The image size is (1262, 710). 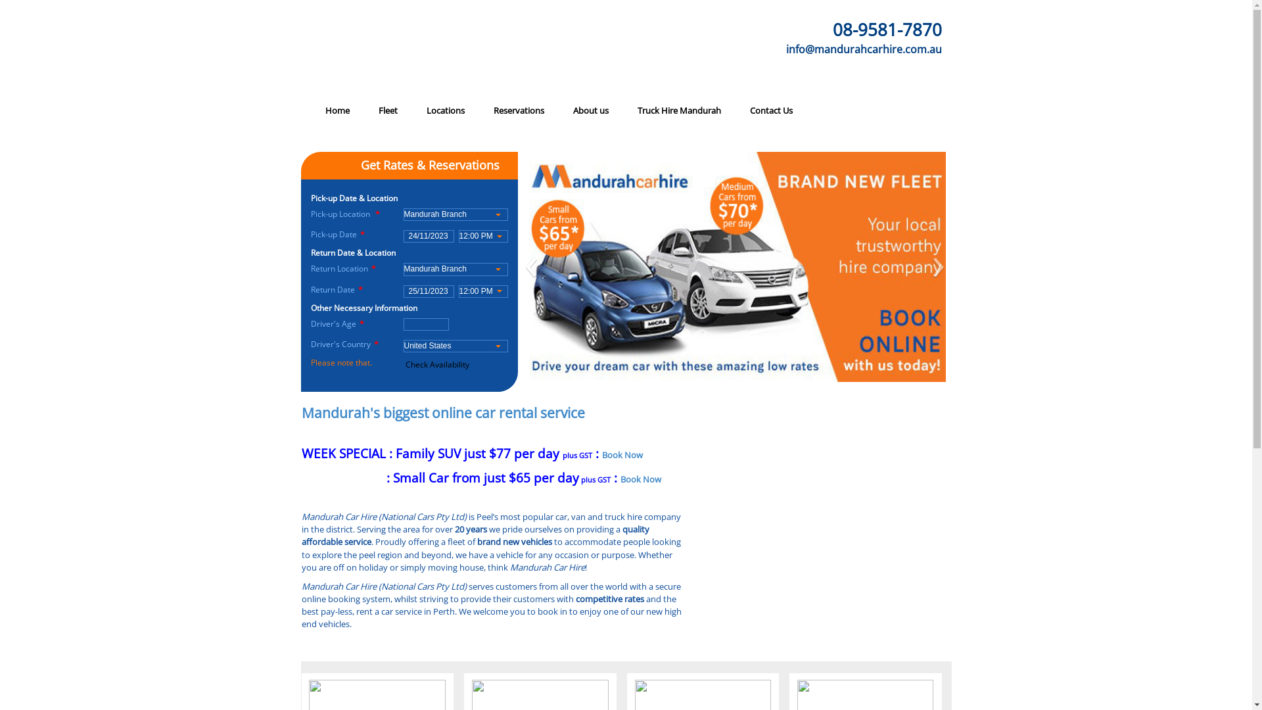 I want to click on 'Contact Us', so click(x=770, y=110).